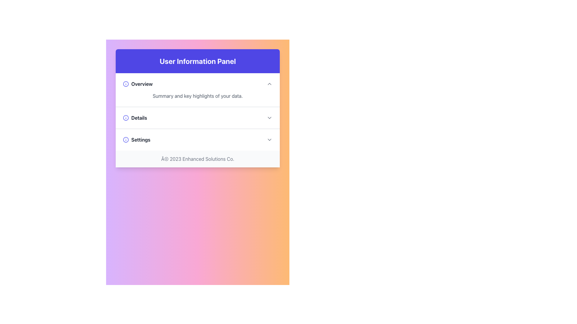 This screenshot has width=577, height=324. Describe the element at coordinates (197, 158) in the screenshot. I see `the static text label displaying 'Â© 2023 Enhanced Solutions Co.' in the footer section of the UI` at that location.